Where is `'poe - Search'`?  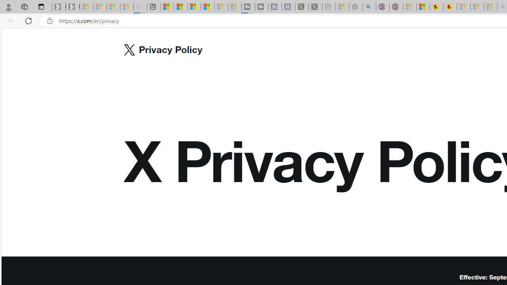 'poe - Search' is located at coordinates (369, 7).